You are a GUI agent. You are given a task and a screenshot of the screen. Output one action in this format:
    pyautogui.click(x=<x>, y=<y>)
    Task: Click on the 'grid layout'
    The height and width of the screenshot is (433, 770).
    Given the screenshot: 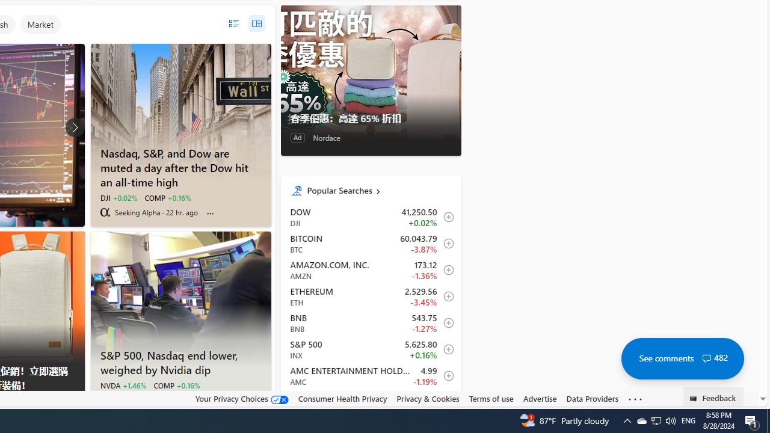 What is the action you would take?
    pyautogui.click(x=256, y=23)
    